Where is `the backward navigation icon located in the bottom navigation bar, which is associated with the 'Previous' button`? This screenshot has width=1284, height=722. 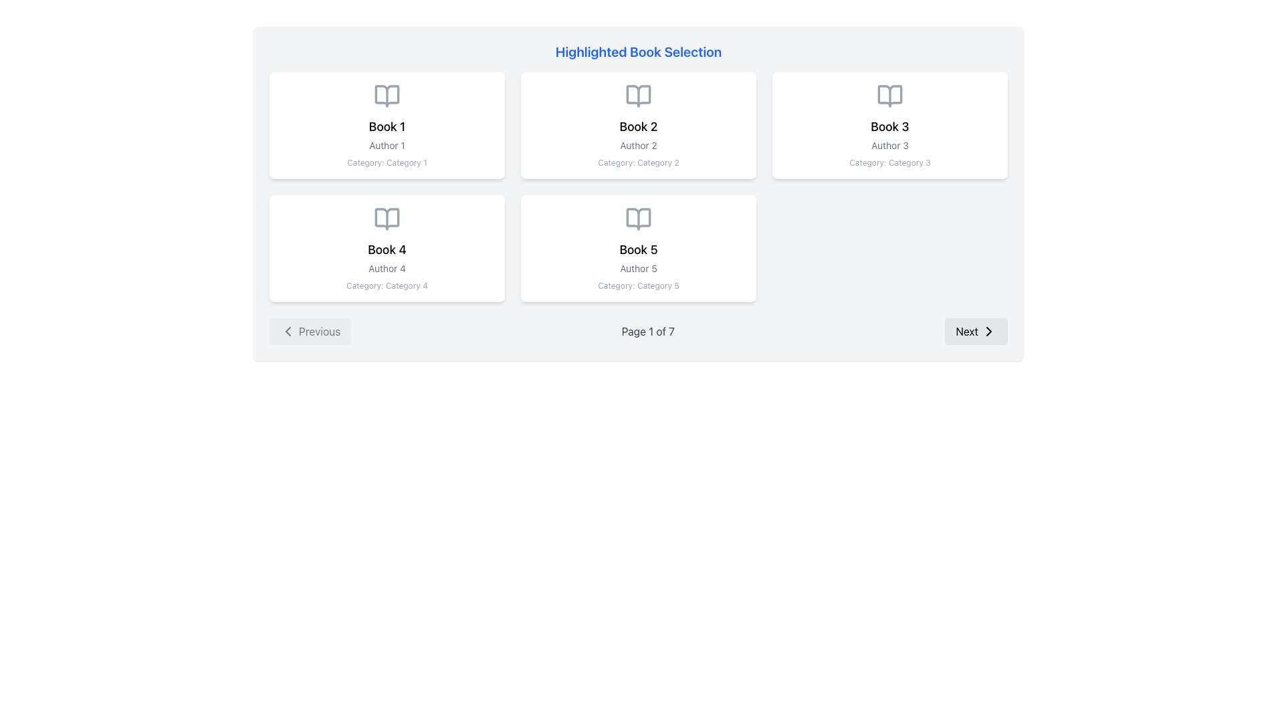
the backward navigation icon located in the bottom navigation bar, which is associated with the 'Previous' button is located at coordinates (288, 331).